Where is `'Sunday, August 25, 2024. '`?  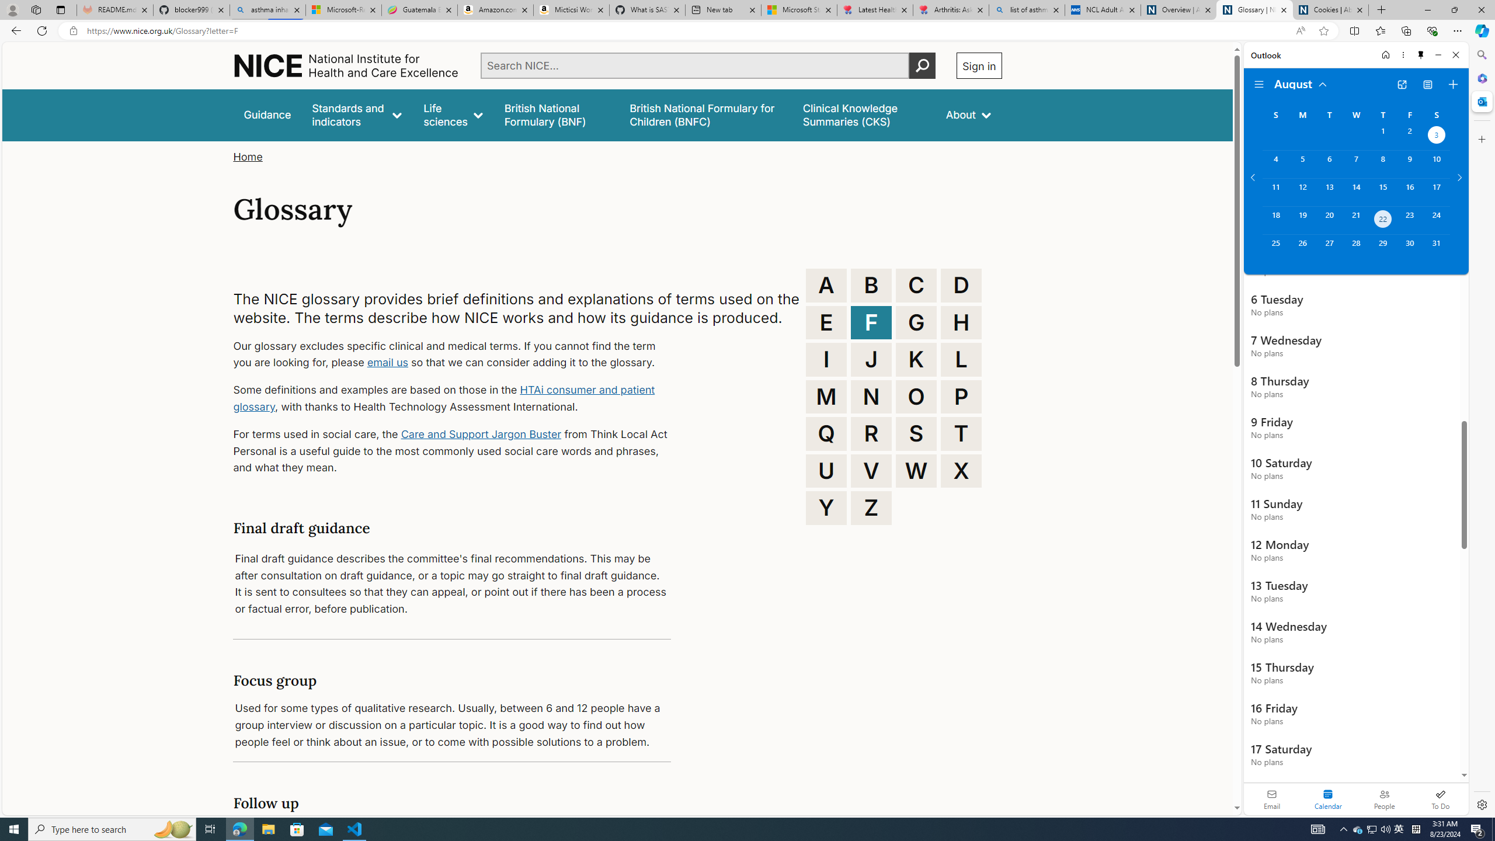 'Sunday, August 25, 2024. ' is located at coordinates (1275, 248).